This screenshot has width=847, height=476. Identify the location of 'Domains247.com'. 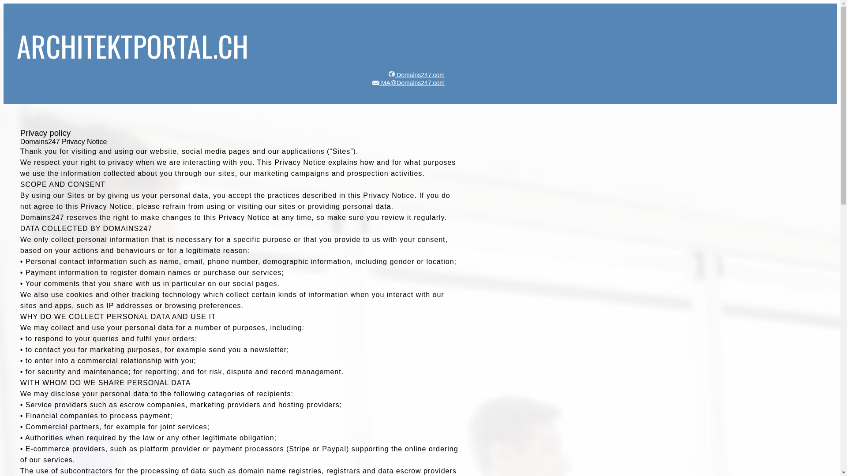
(415, 74).